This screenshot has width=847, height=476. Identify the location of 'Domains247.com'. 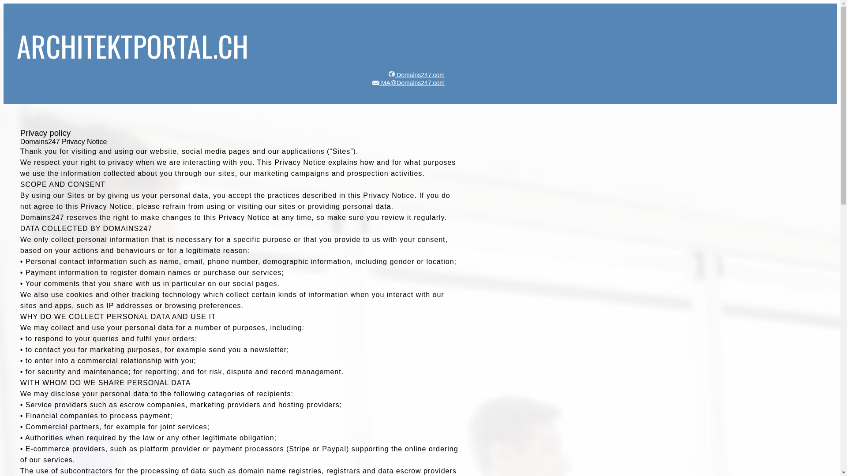
(415, 74).